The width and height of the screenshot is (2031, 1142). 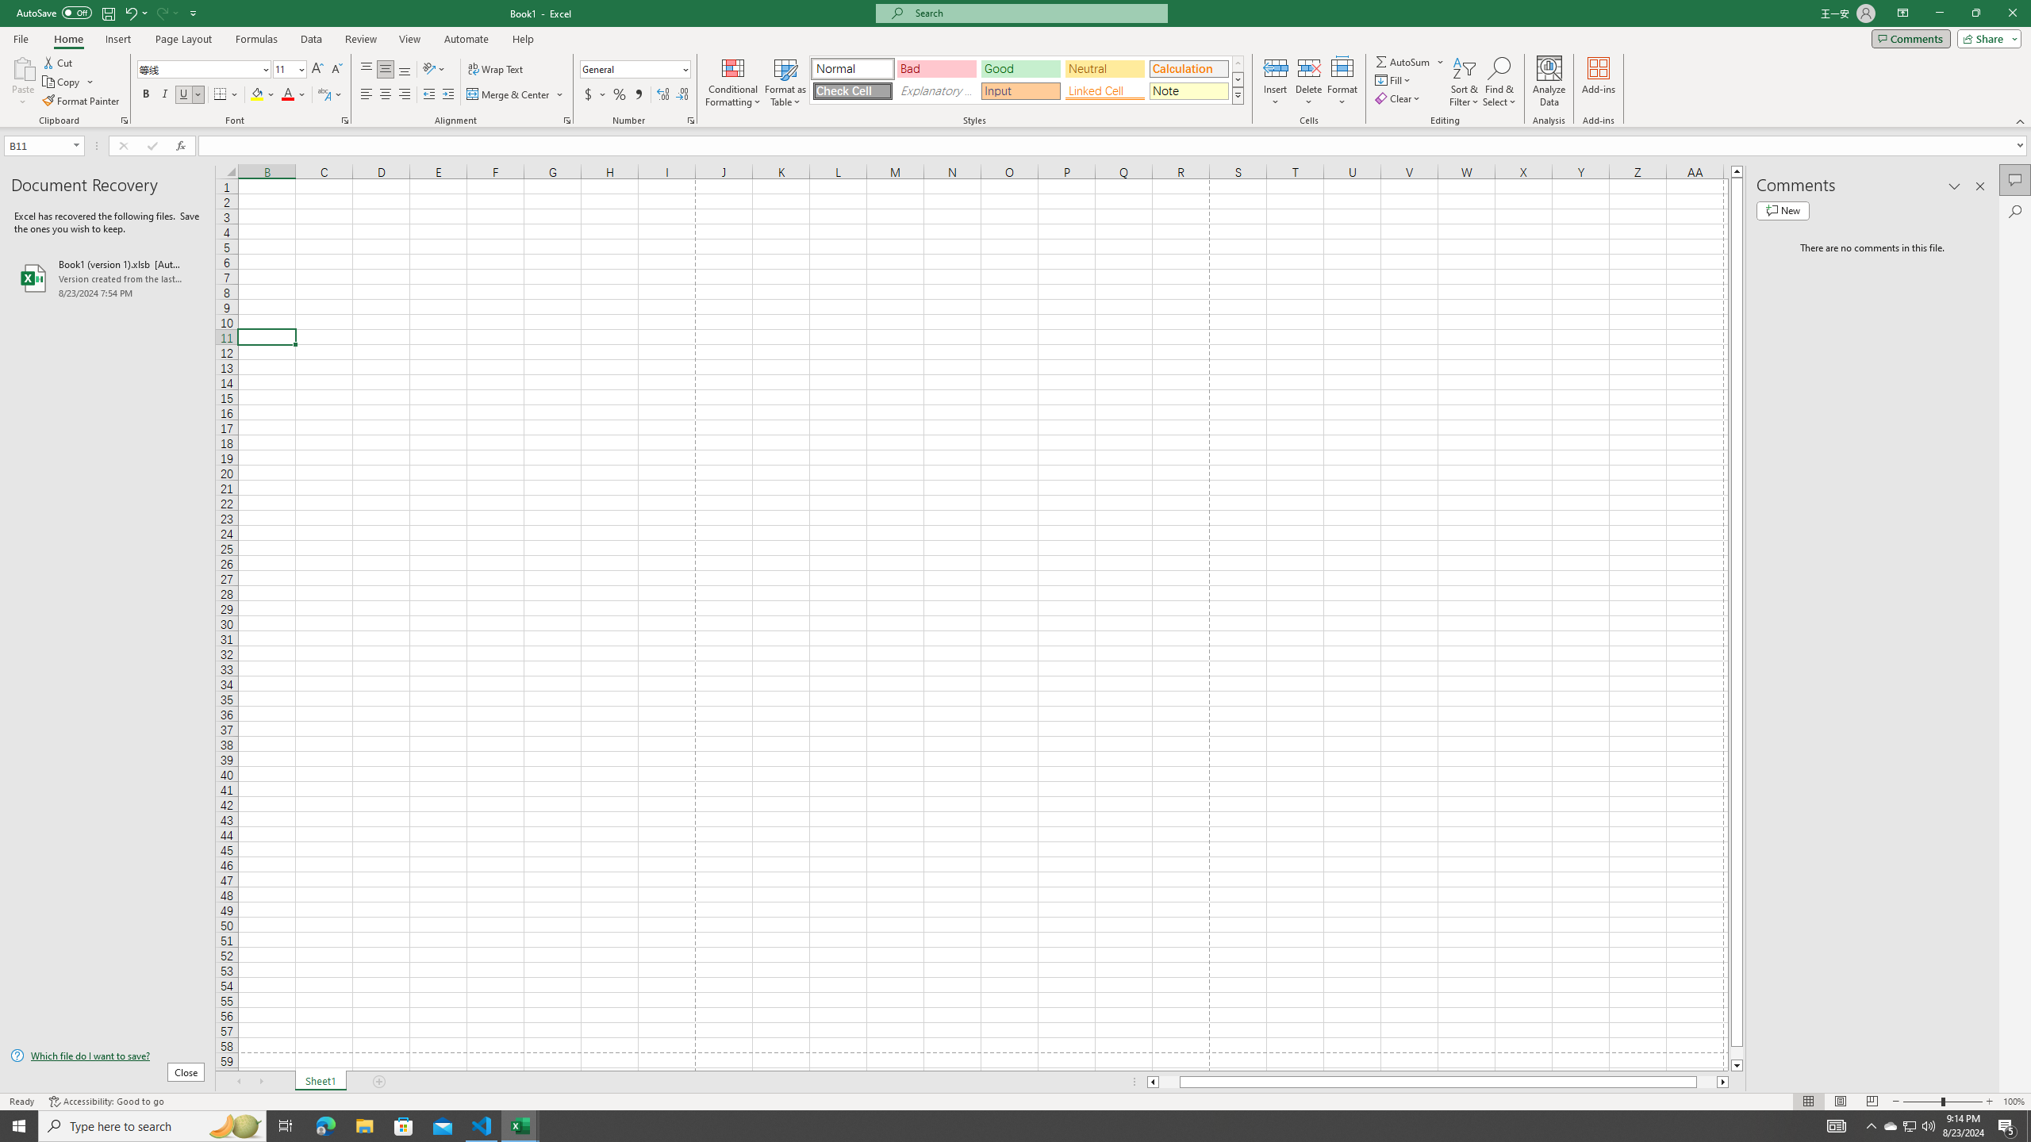 I want to click on 'Font', so click(x=198, y=69).